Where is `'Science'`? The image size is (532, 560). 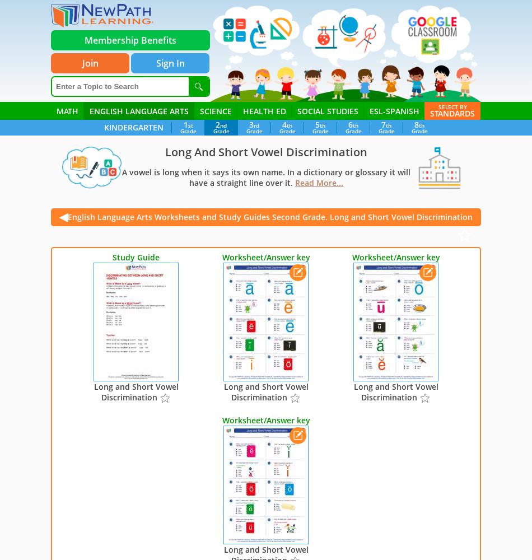 'Science' is located at coordinates (215, 110).